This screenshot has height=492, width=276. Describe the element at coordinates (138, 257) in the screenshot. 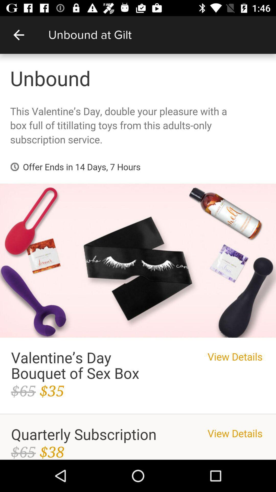

I see `for adverisment` at that location.